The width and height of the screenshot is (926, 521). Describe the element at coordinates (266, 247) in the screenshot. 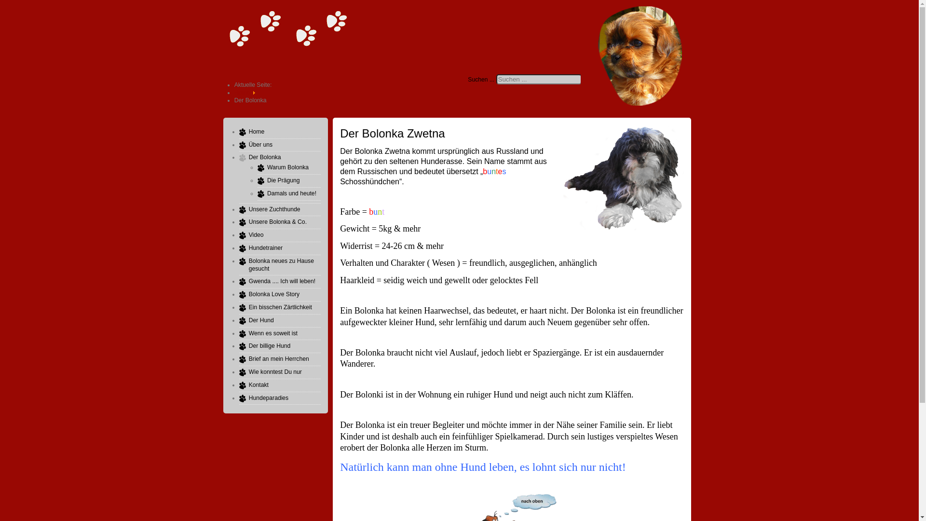

I see `'Hundetrainer'` at that location.